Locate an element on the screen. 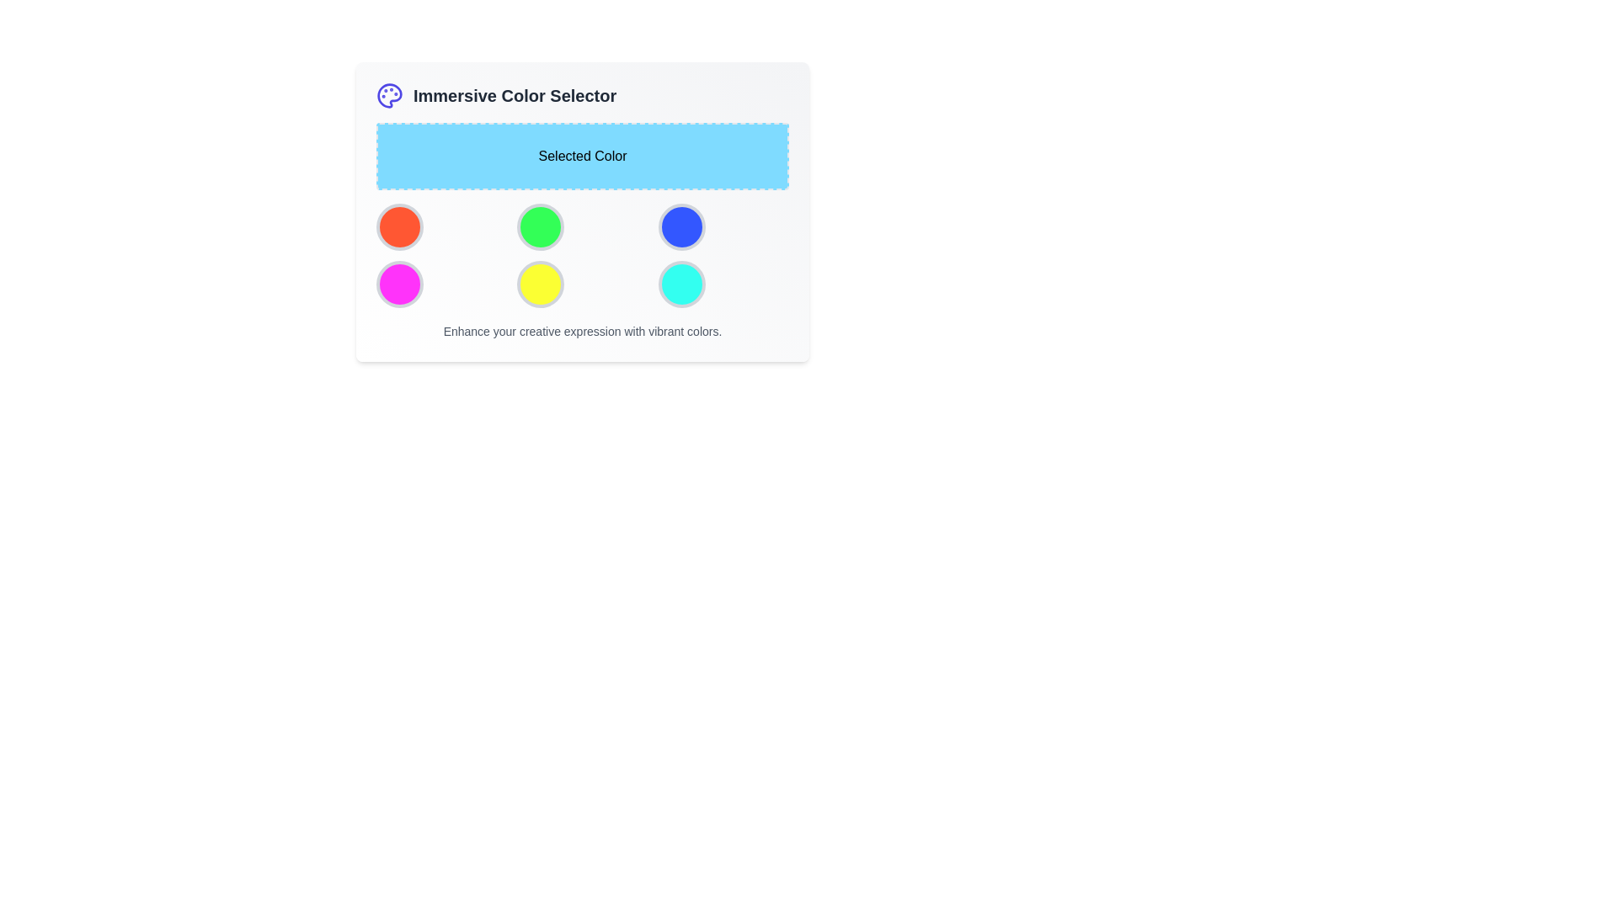  the second circular button in the first row of a grid layout is located at coordinates (541, 227).